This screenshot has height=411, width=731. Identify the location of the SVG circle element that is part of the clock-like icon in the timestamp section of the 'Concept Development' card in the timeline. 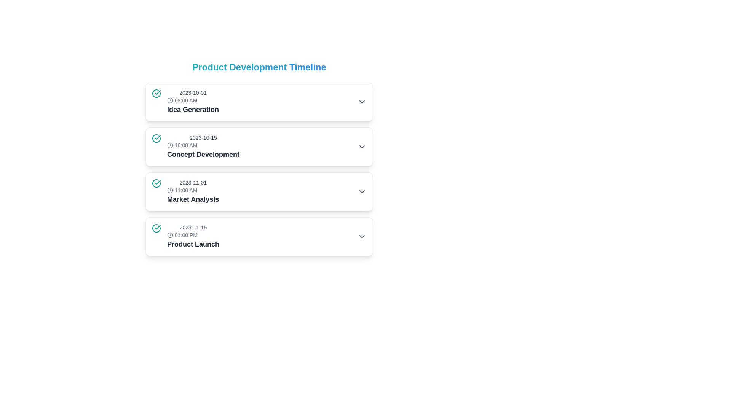
(169, 145).